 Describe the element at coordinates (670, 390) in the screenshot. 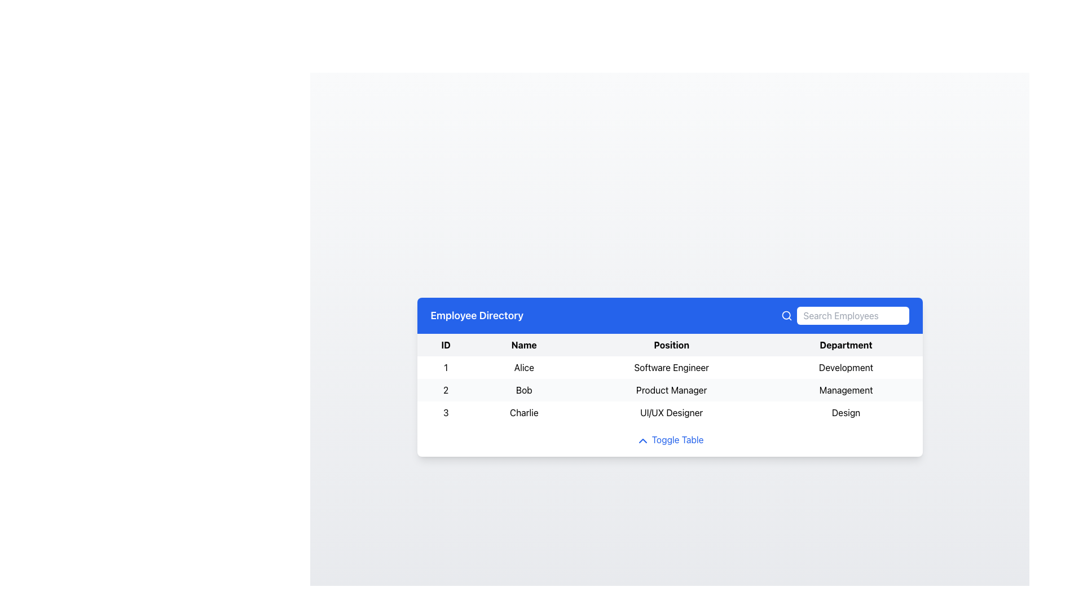

I see `to select the second row of the employee data table containing 'Bob' as the name, 'Product Manager' as the position, and 'Management' as the department` at that location.